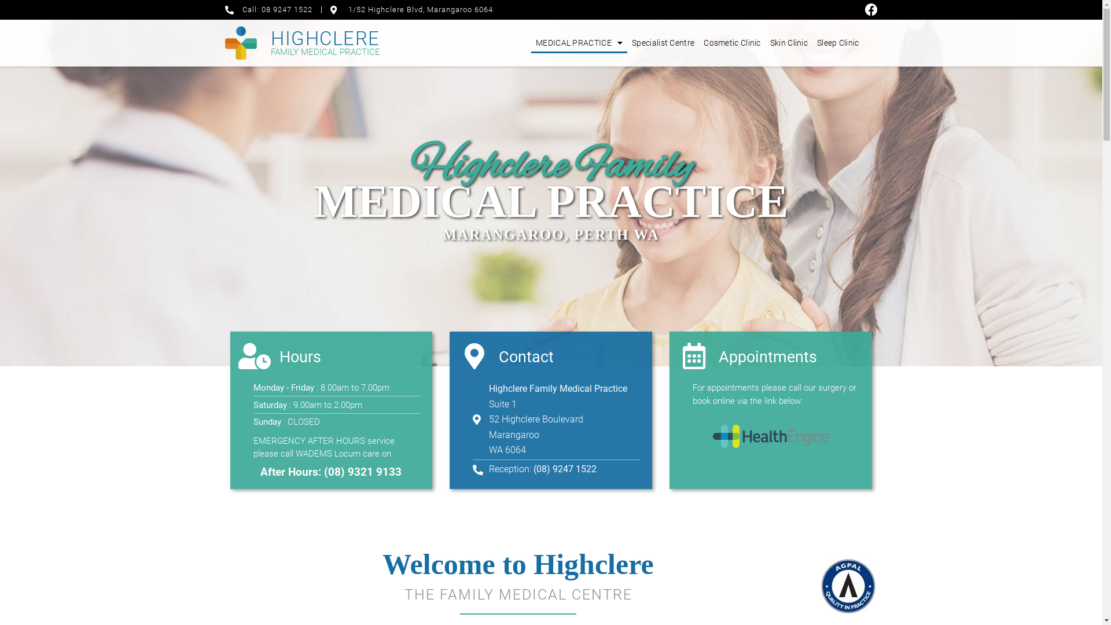  I want to click on 'Specialist Centre', so click(663, 42).